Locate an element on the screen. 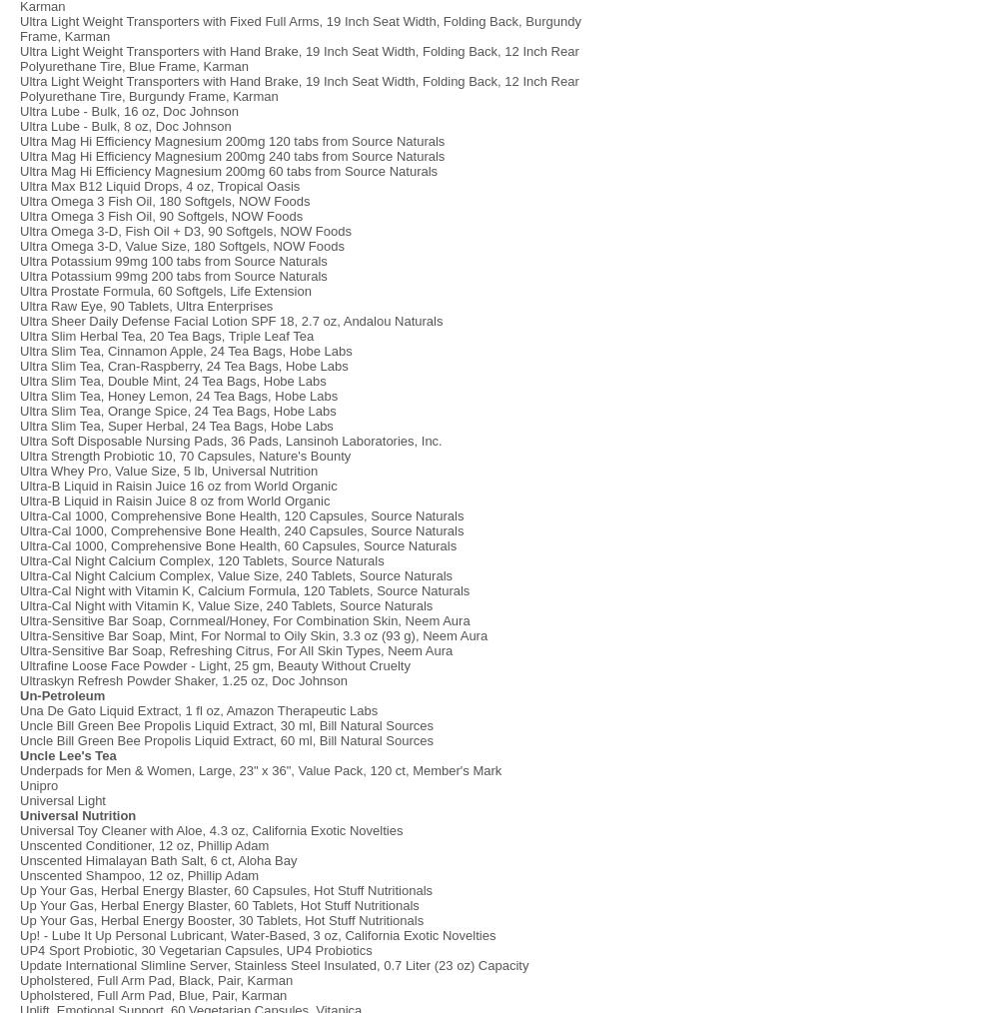  'Up Your Gas, Herbal Energy Blaster, 60 Capsules, Hot Stuff Nutritionals' is located at coordinates (225, 889).